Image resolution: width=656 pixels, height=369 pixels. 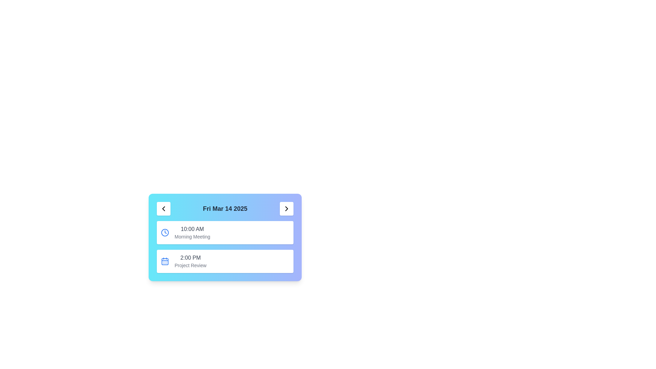 I want to click on the label providing additional details or context to the time displayed above it, which is positioned immediately below '10:00 AM', so click(x=192, y=236).